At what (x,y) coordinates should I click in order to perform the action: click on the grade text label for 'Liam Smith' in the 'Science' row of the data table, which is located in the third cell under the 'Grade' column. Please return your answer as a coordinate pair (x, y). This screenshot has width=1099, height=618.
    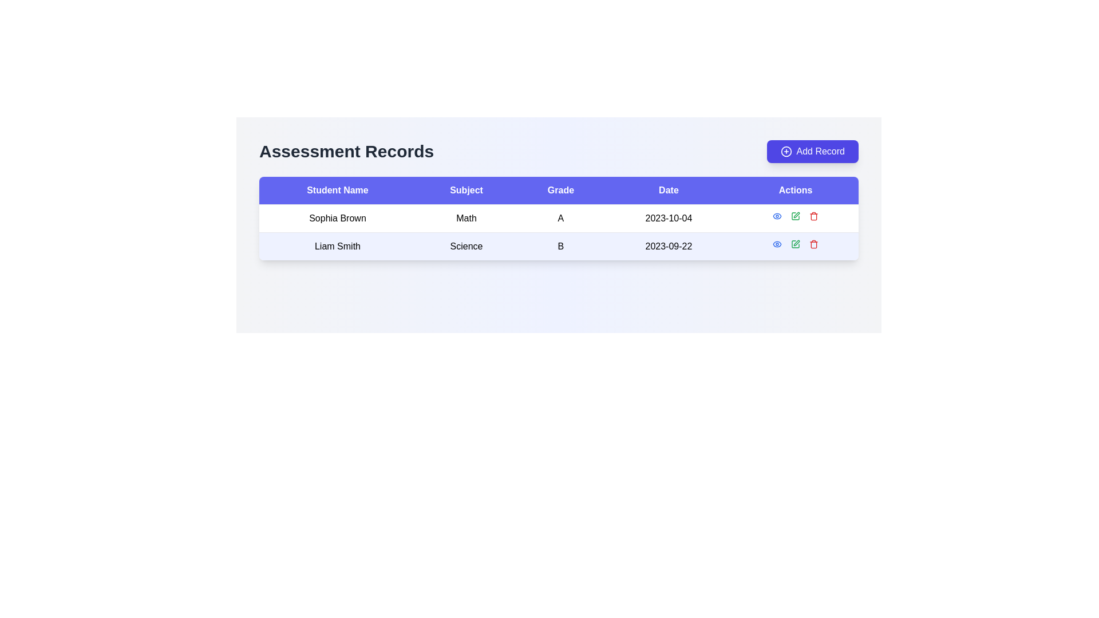
    Looking at the image, I should click on (560, 245).